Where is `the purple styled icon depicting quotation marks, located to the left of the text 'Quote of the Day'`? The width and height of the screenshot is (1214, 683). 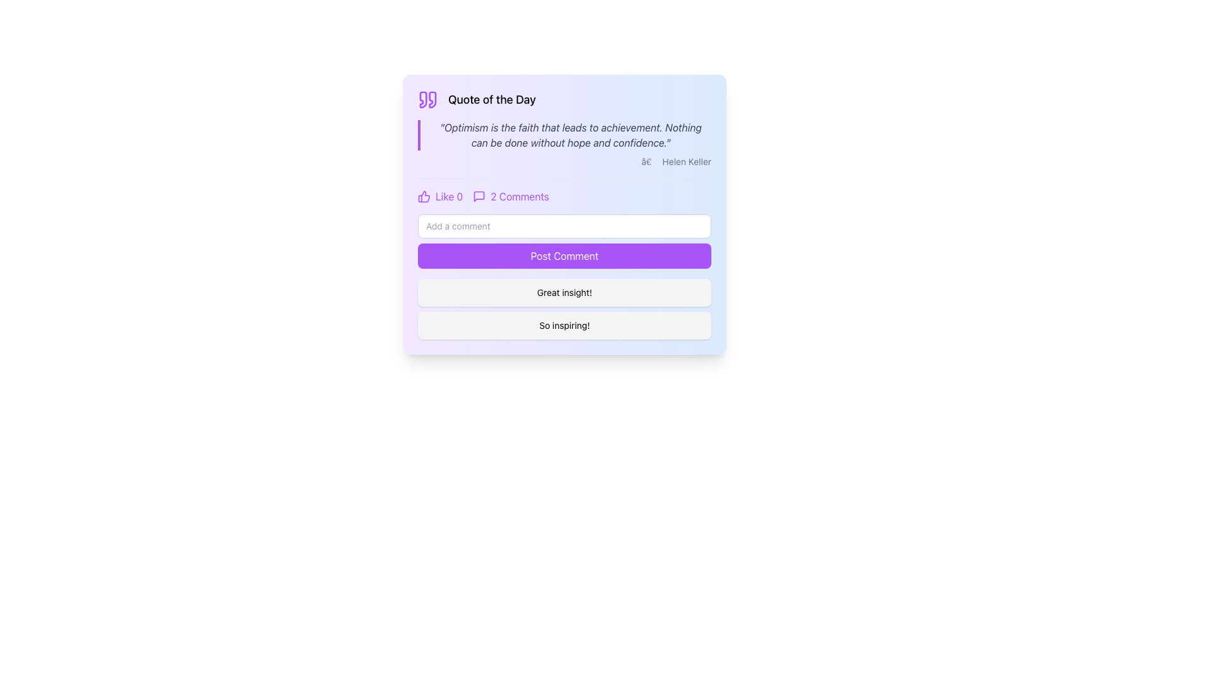
the purple styled icon depicting quotation marks, located to the left of the text 'Quote of the Day' is located at coordinates (427, 99).